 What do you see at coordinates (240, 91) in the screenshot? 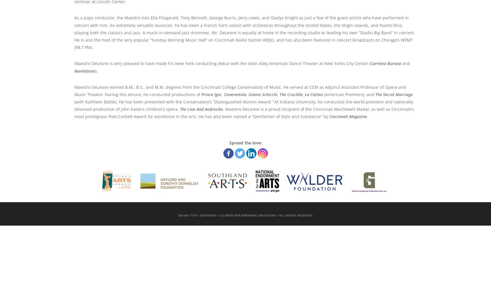
I see `'Maestro DeLeone earned B.M., B.S., and M.M. degrees from the Cincinnati College Conservatory of Music. He served at CCM as Adjunct Assistant Professor of Opera and Music Theatre. During this tenure, he conducted productions of'` at bounding box center [240, 91].